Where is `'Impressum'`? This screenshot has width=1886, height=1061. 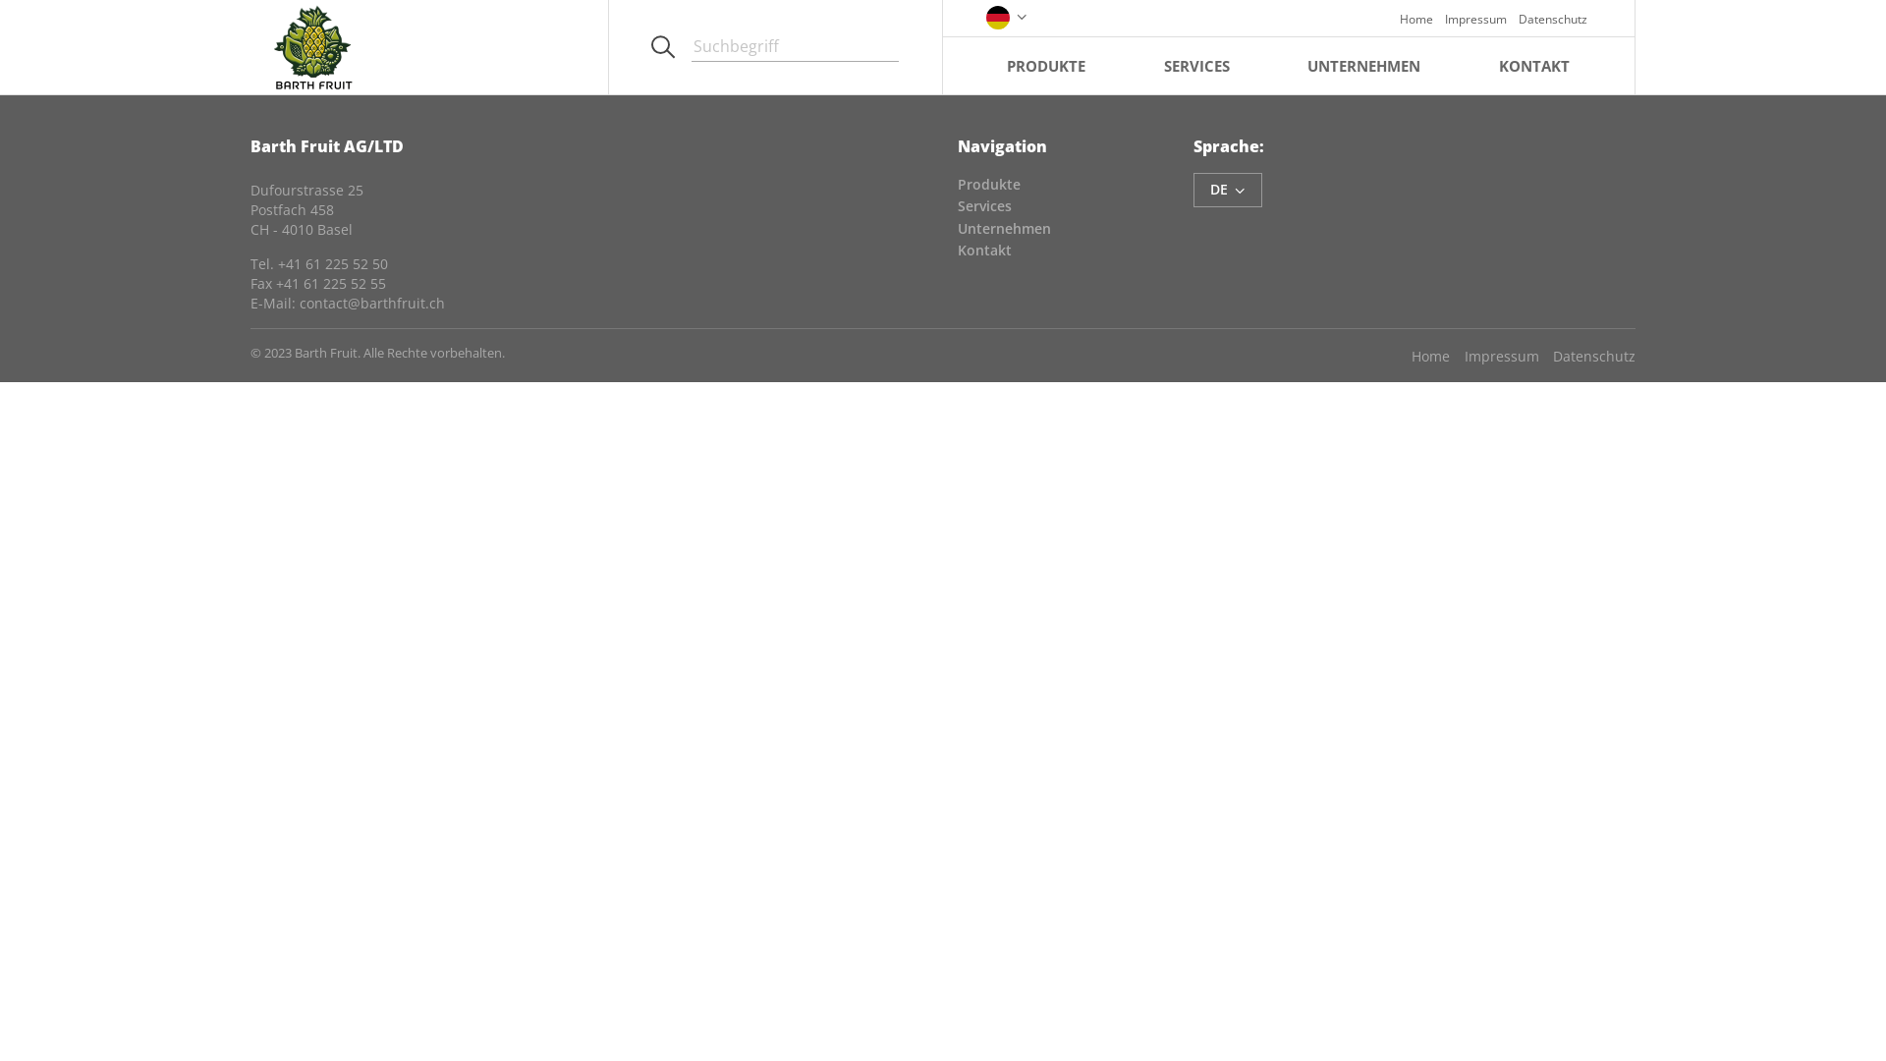
'Impressum' is located at coordinates (1493, 356).